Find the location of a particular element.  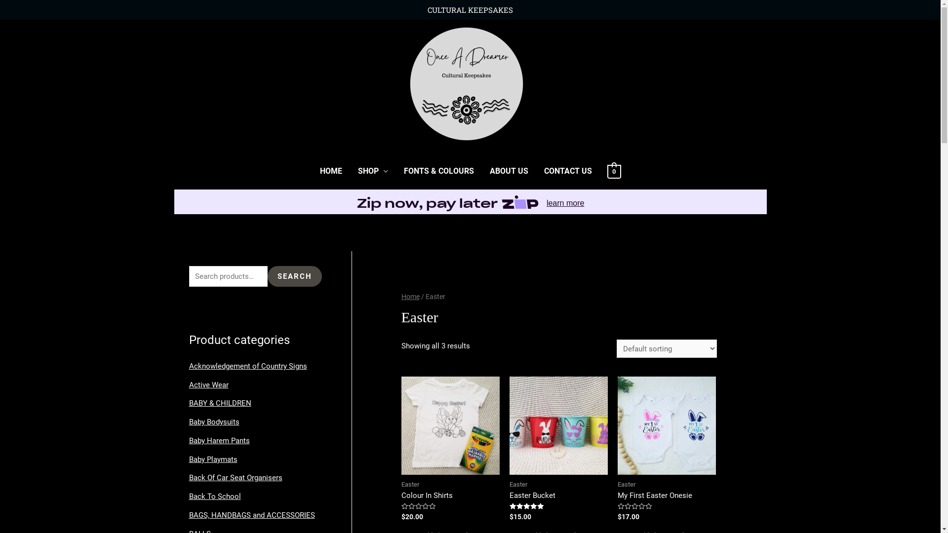

'BAGS, HANDBAGS and ACCESSORIES' is located at coordinates (251, 515).